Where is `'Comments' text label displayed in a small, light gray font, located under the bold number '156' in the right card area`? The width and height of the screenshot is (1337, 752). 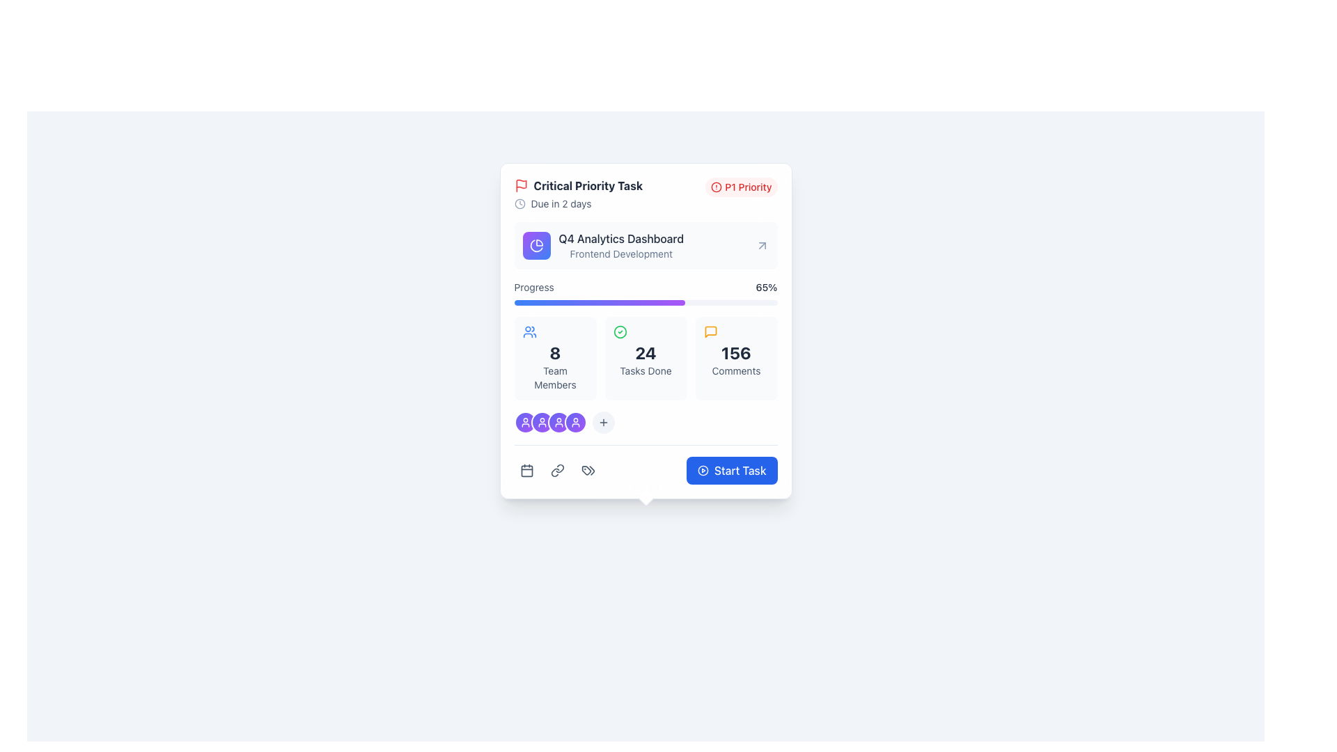 'Comments' text label displayed in a small, light gray font, located under the bold number '156' in the right card area is located at coordinates (735, 370).